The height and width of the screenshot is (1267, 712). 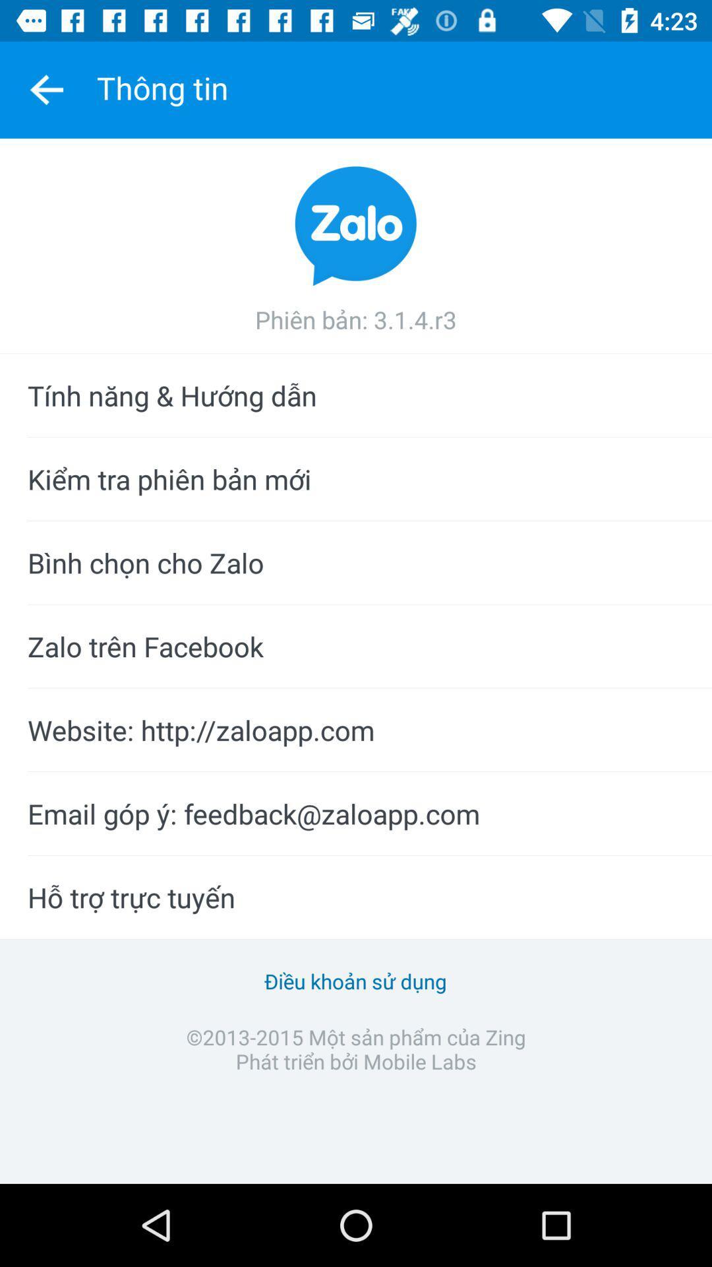 I want to click on website http zaloapp icon, so click(x=356, y=729).